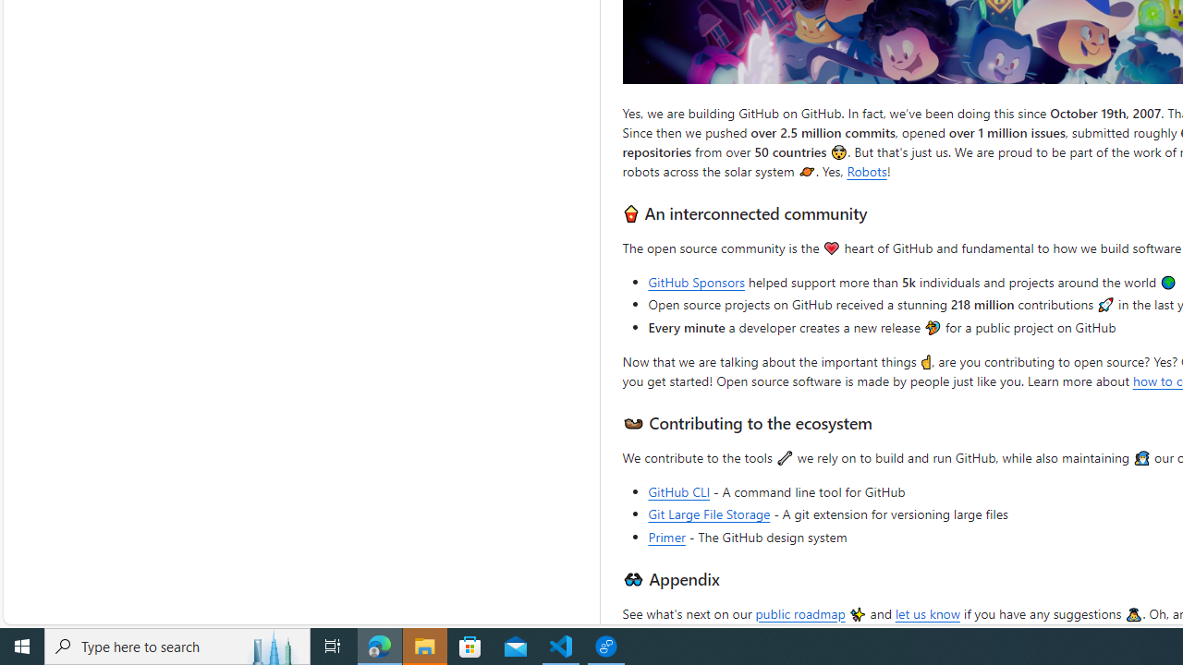 Image resolution: width=1183 pixels, height=665 pixels. What do you see at coordinates (866, 171) in the screenshot?
I see `'Robots'` at bounding box center [866, 171].